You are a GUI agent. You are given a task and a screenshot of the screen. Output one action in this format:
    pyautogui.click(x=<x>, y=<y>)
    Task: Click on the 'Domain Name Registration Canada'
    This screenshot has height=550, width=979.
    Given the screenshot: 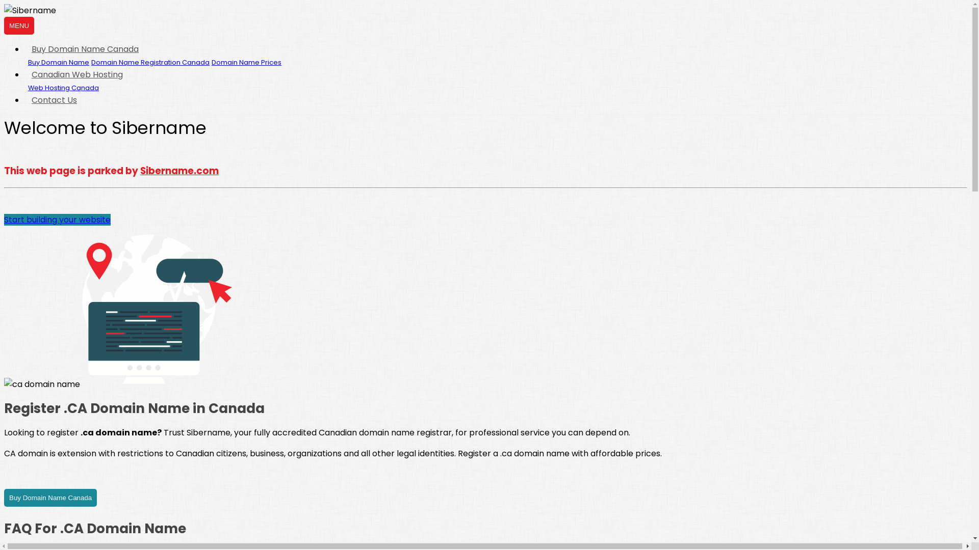 What is the action you would take?
    pyautogui.click(x=149, y=62)
    